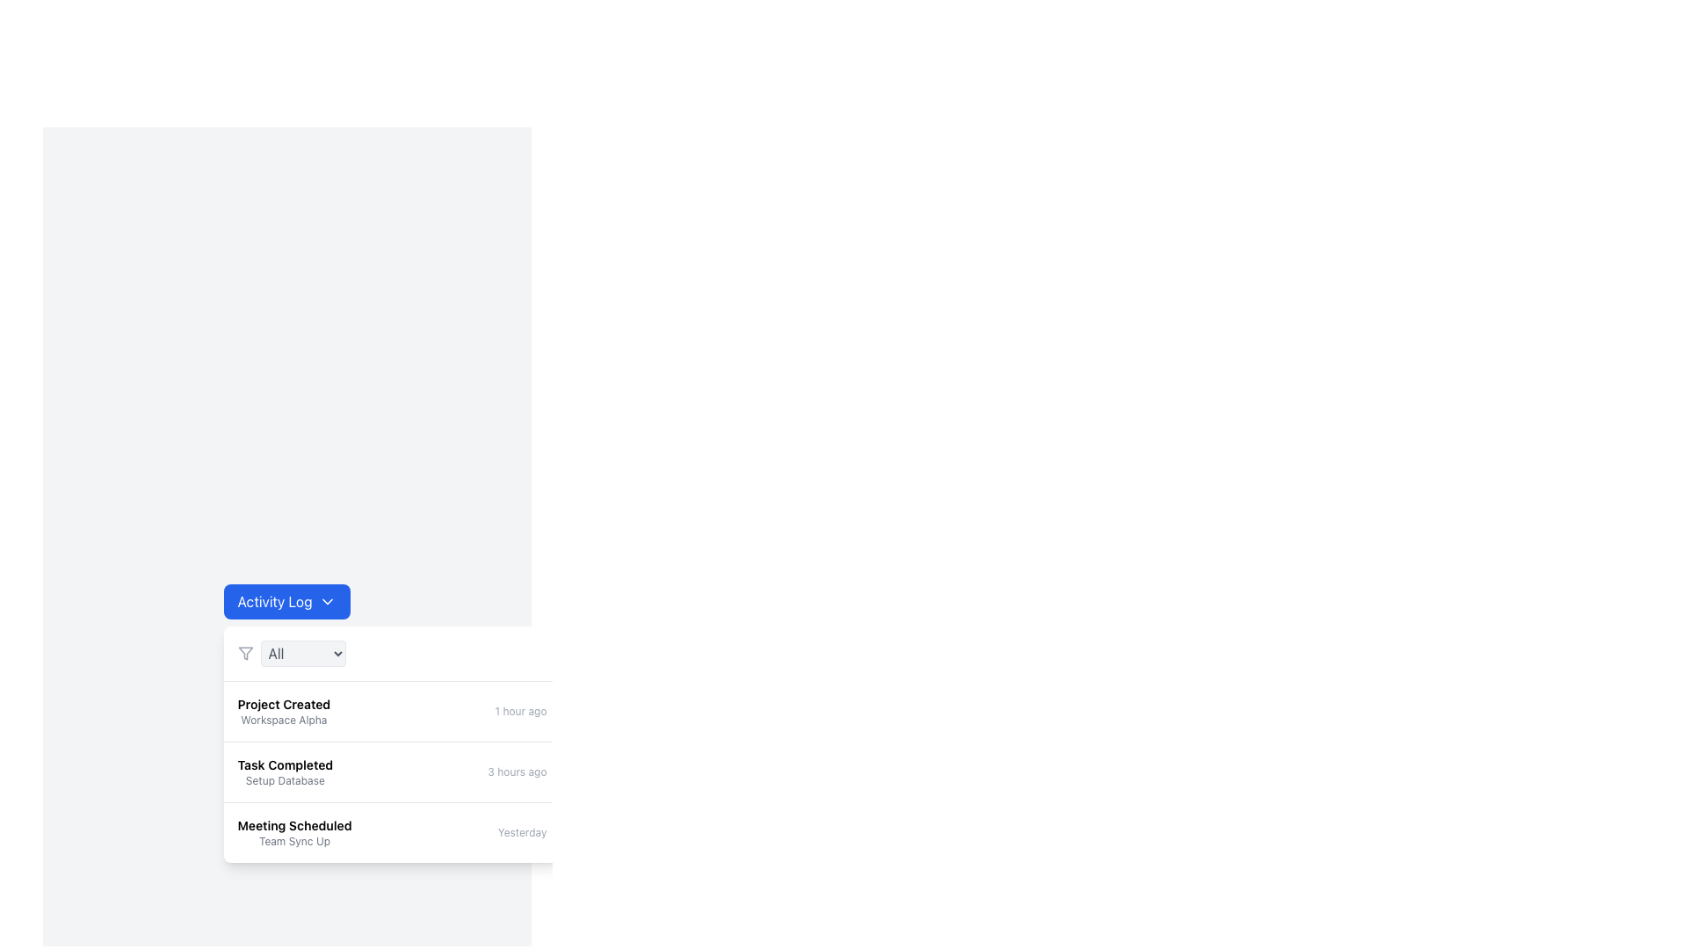 This screenshot has height=949, width=1687. What do you see at coordinates (294, 826) in the screenshot?
I see `the title text label in the activity log that summarizes the nature of the logged activity` at bounding box center [294, 826].